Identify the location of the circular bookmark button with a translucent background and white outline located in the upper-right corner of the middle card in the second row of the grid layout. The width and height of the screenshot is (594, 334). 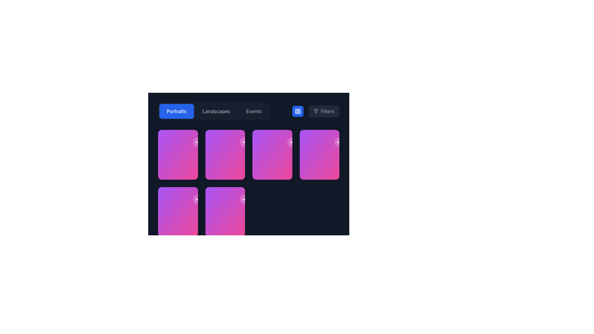
(255, 142).